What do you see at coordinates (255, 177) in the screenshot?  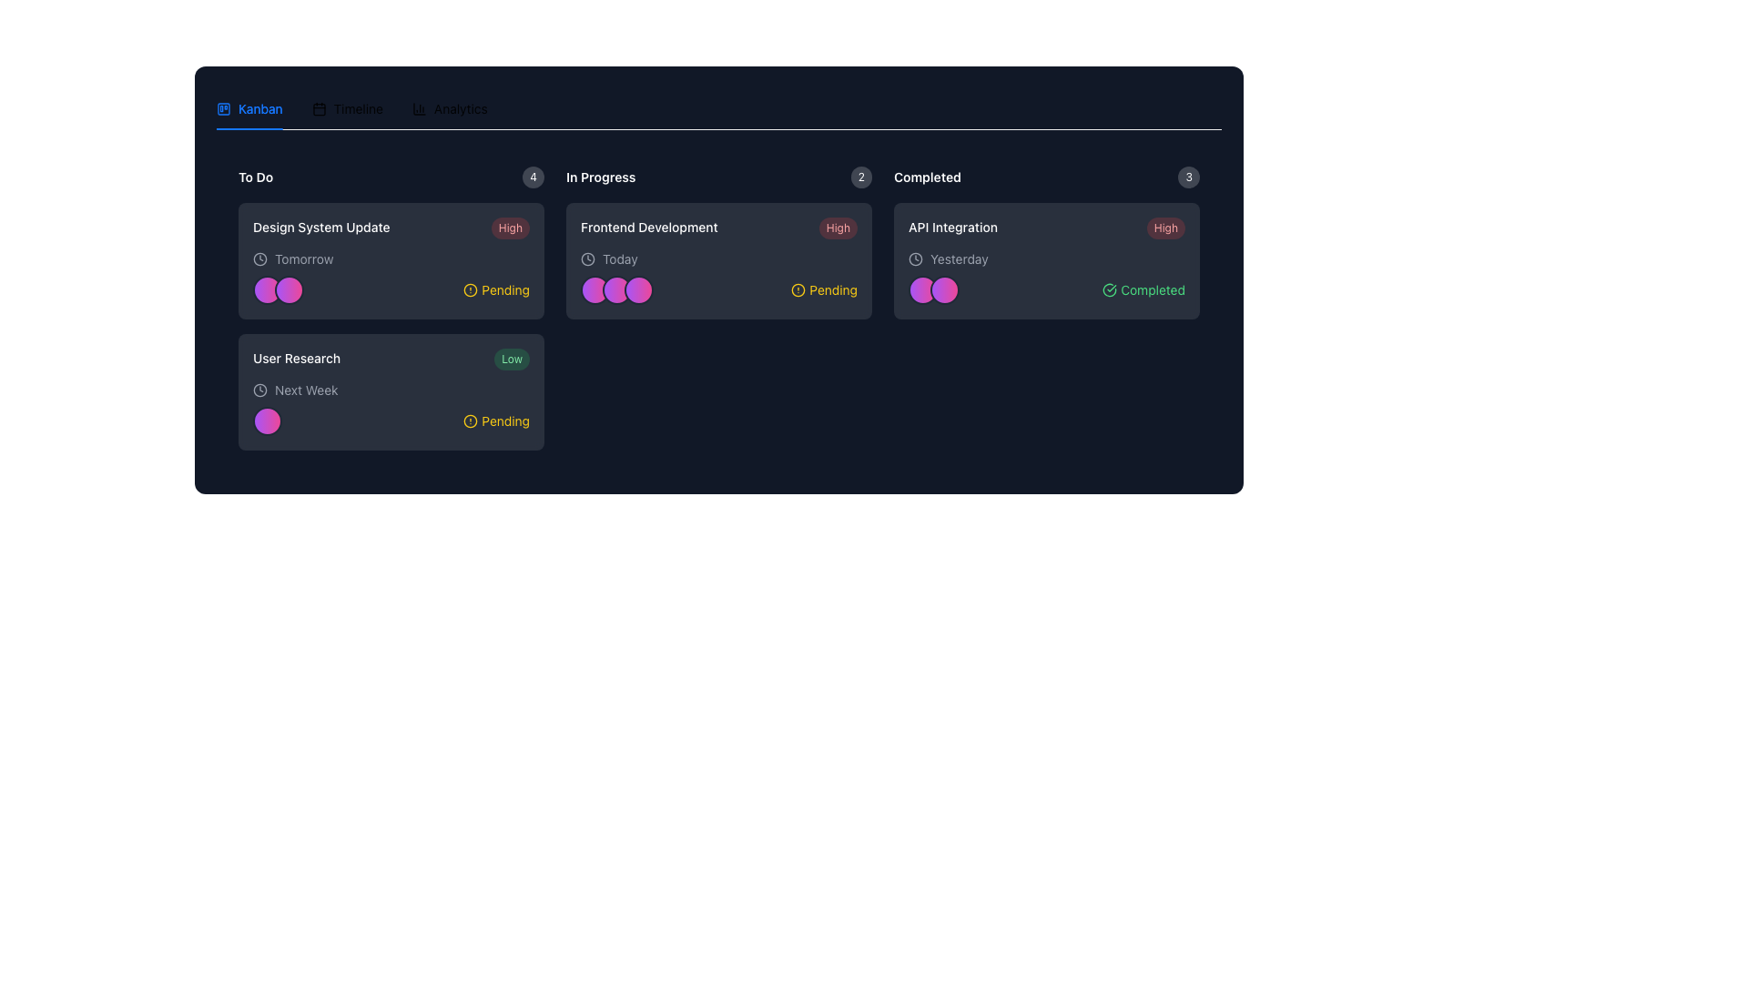 I see `the static text label that serves as the title for the 'To Do' section, located at the upper-left corner of the user interface` at bounding box center [255, 177].